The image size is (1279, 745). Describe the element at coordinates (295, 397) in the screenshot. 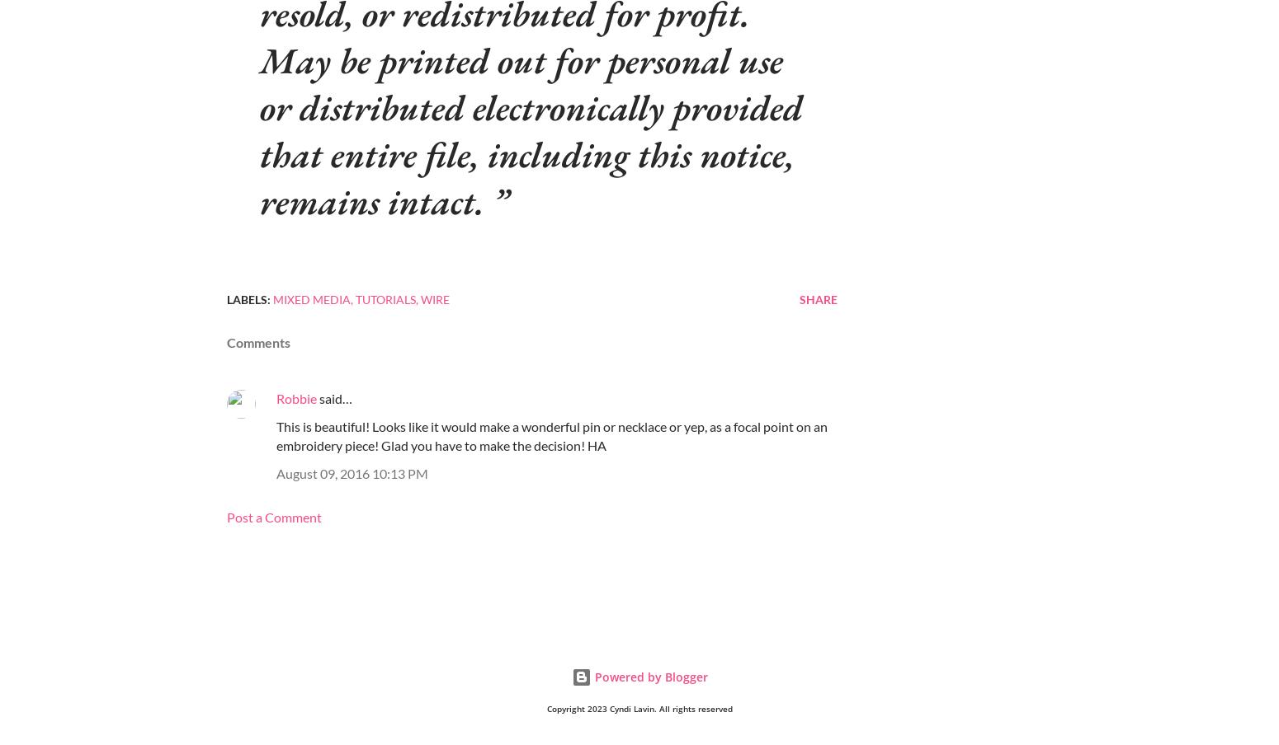

I see `'Robbie'` at that location.